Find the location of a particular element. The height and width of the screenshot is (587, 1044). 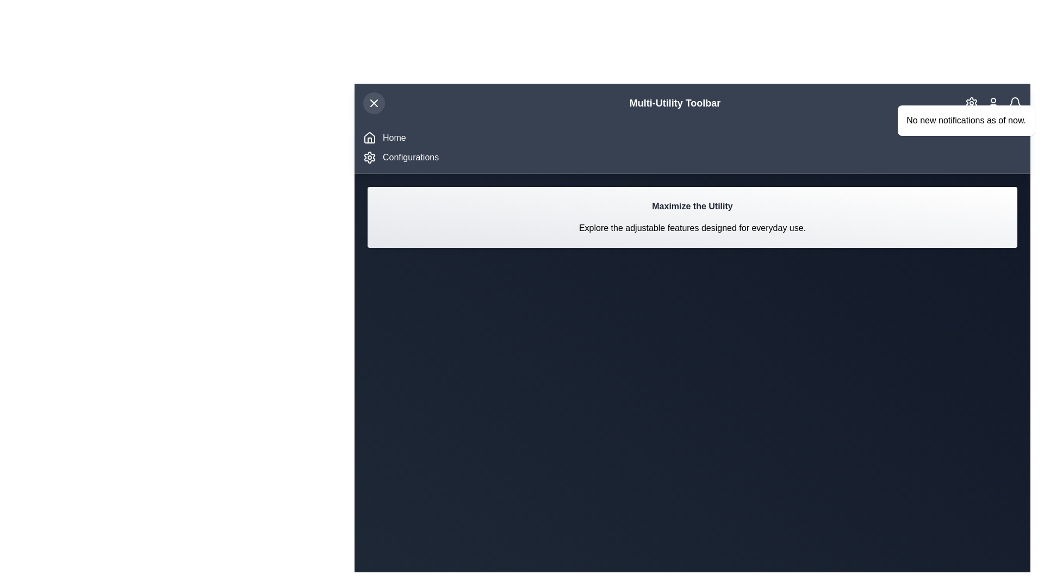

the bell icon to toggle the notifications panel is located at coordinates (1015, 103).